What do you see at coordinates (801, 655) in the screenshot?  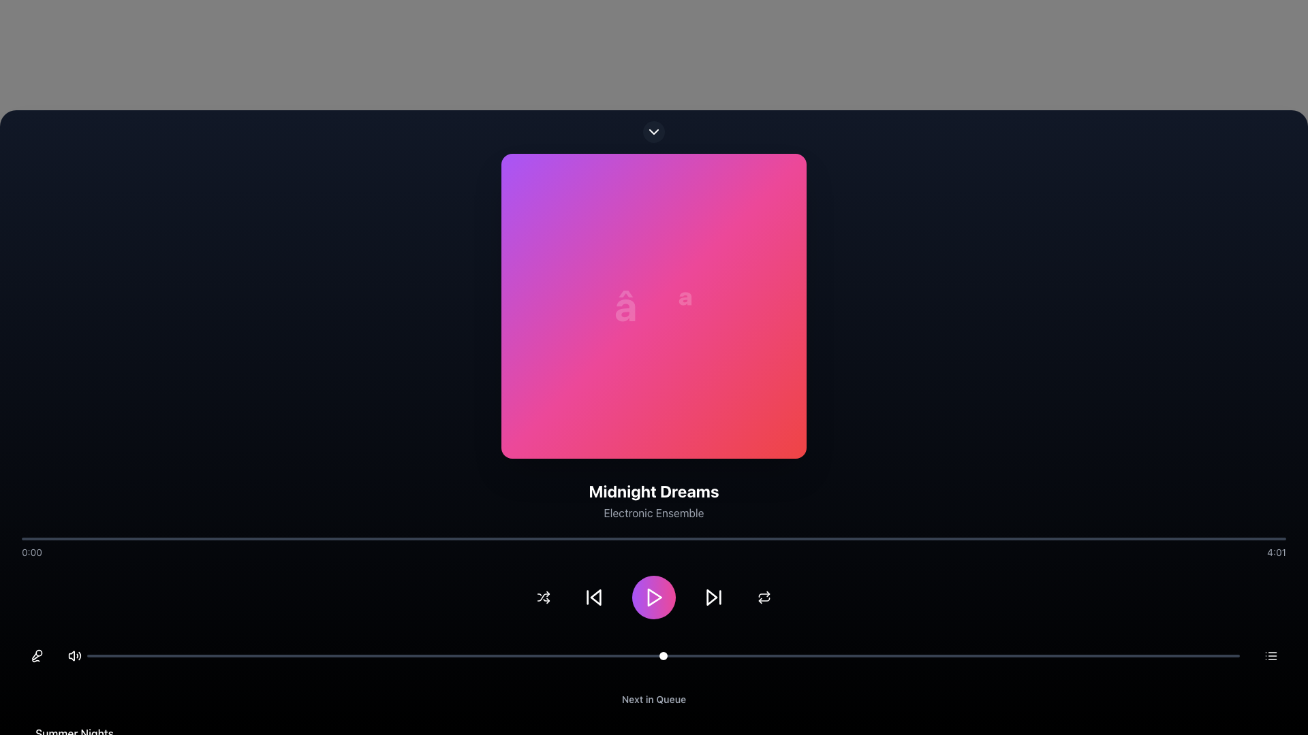 I see `the timeline position` at bounding box center [801, 655].